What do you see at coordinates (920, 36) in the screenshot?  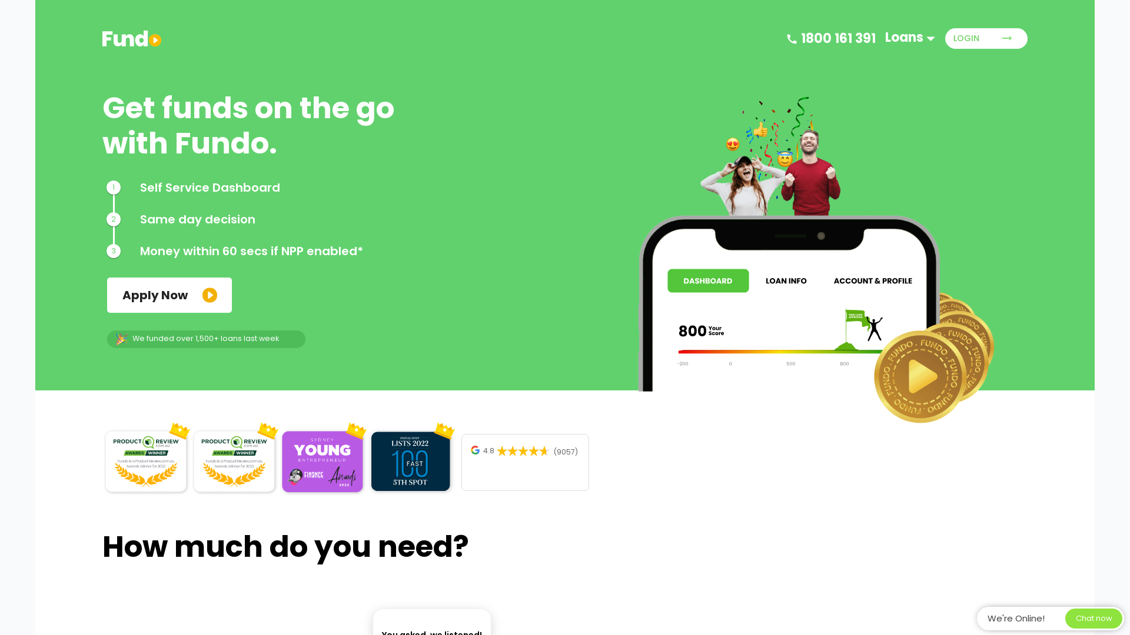 I see `'Loans` at bounding box center [920, 36].